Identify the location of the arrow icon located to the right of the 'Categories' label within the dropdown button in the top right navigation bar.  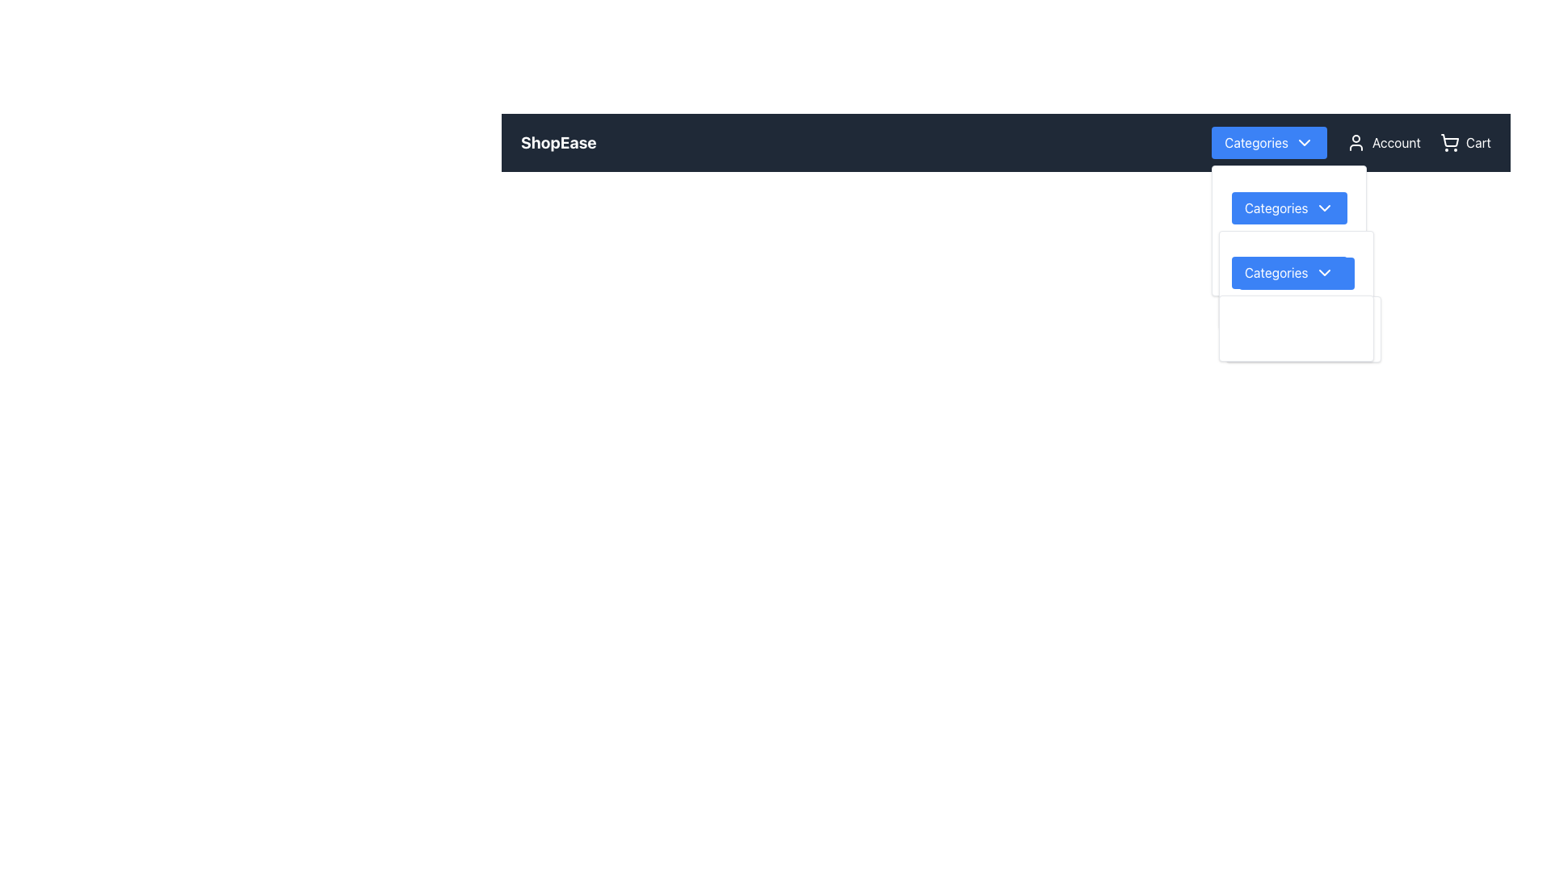
(1324, 208).